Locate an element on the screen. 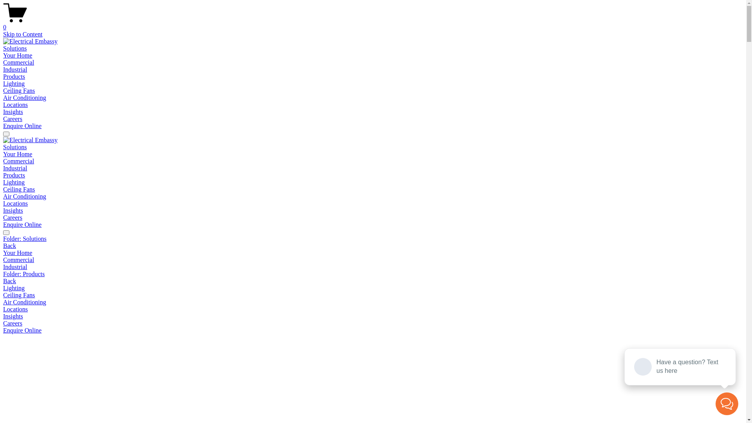  'Back' is located at coordinates (9, 245).